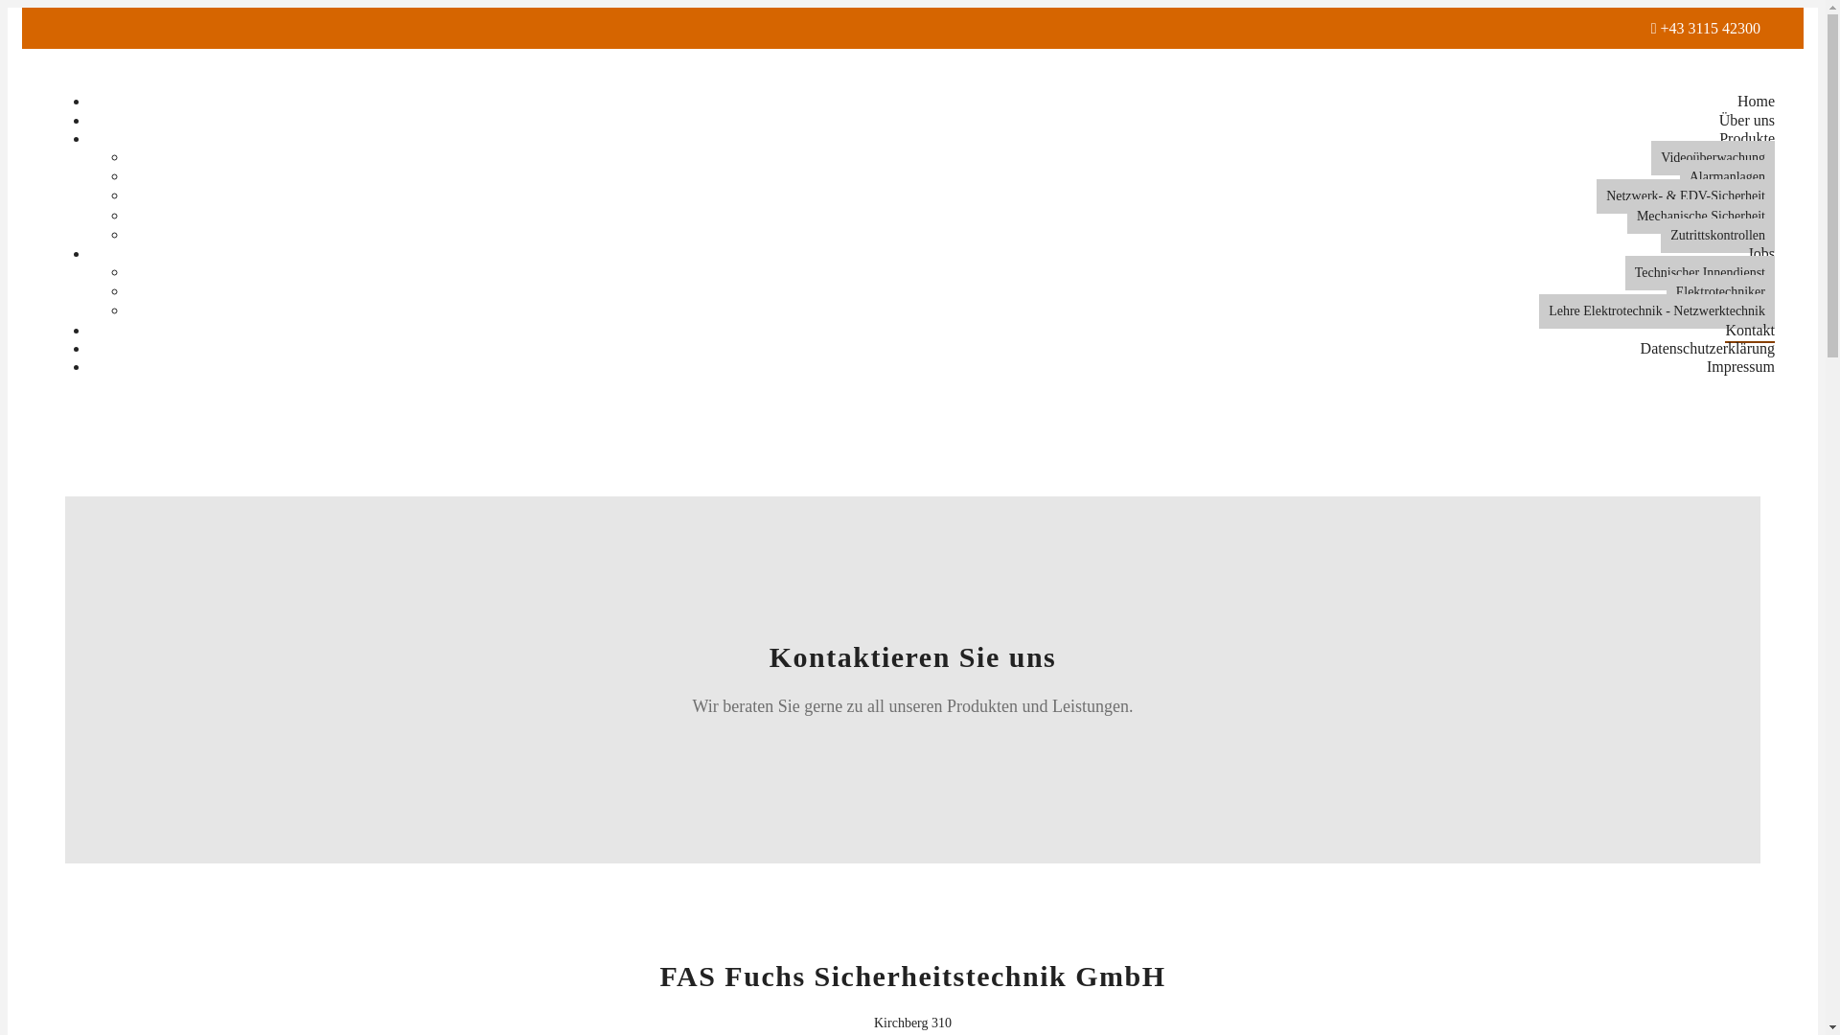 This screenshot has width=1840, height=1035. I want to click on 'Home', so click(1756, 101).